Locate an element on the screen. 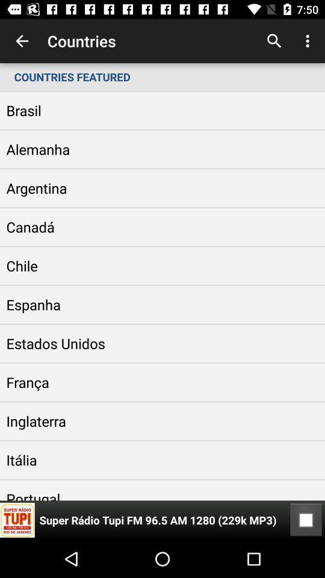 The image size is (325, 578). the icon above countries featured is located at coordinates (22, 41).